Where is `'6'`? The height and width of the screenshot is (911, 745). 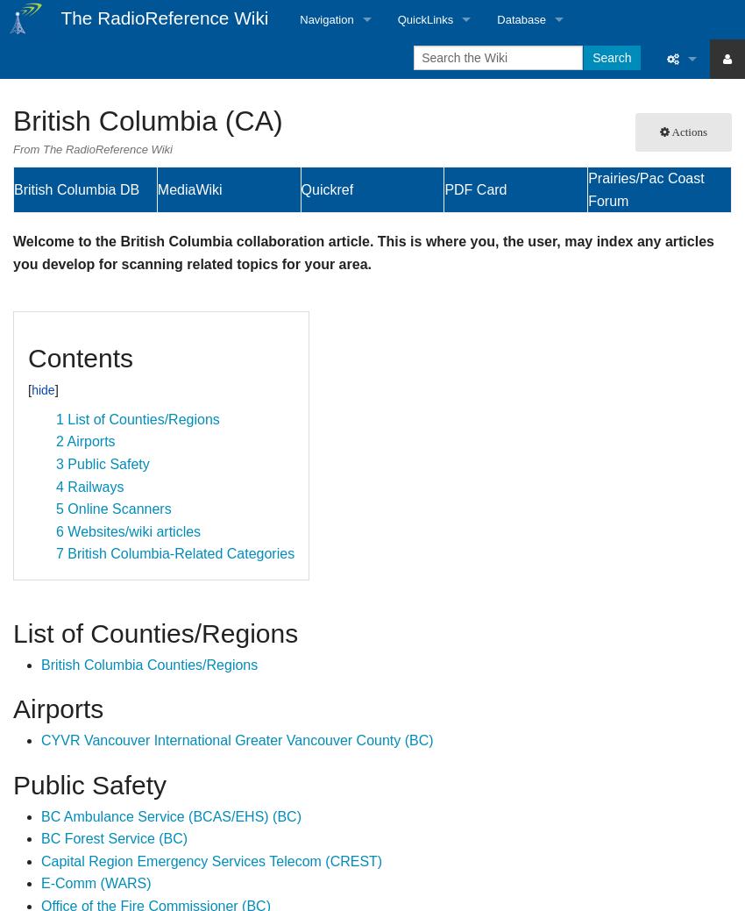
'6' is located at coordinates (56, 530).